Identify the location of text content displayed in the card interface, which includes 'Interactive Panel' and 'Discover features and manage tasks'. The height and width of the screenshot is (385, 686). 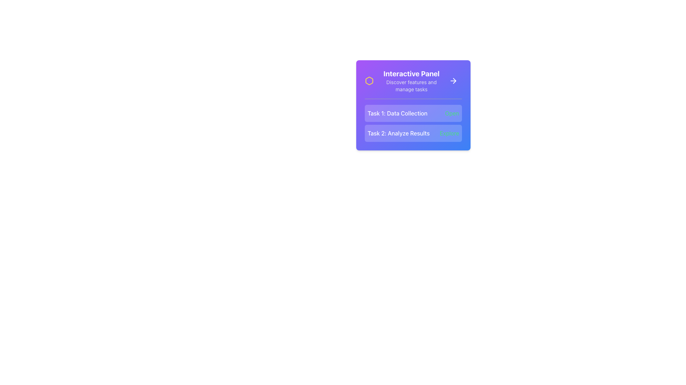
(411, 81).